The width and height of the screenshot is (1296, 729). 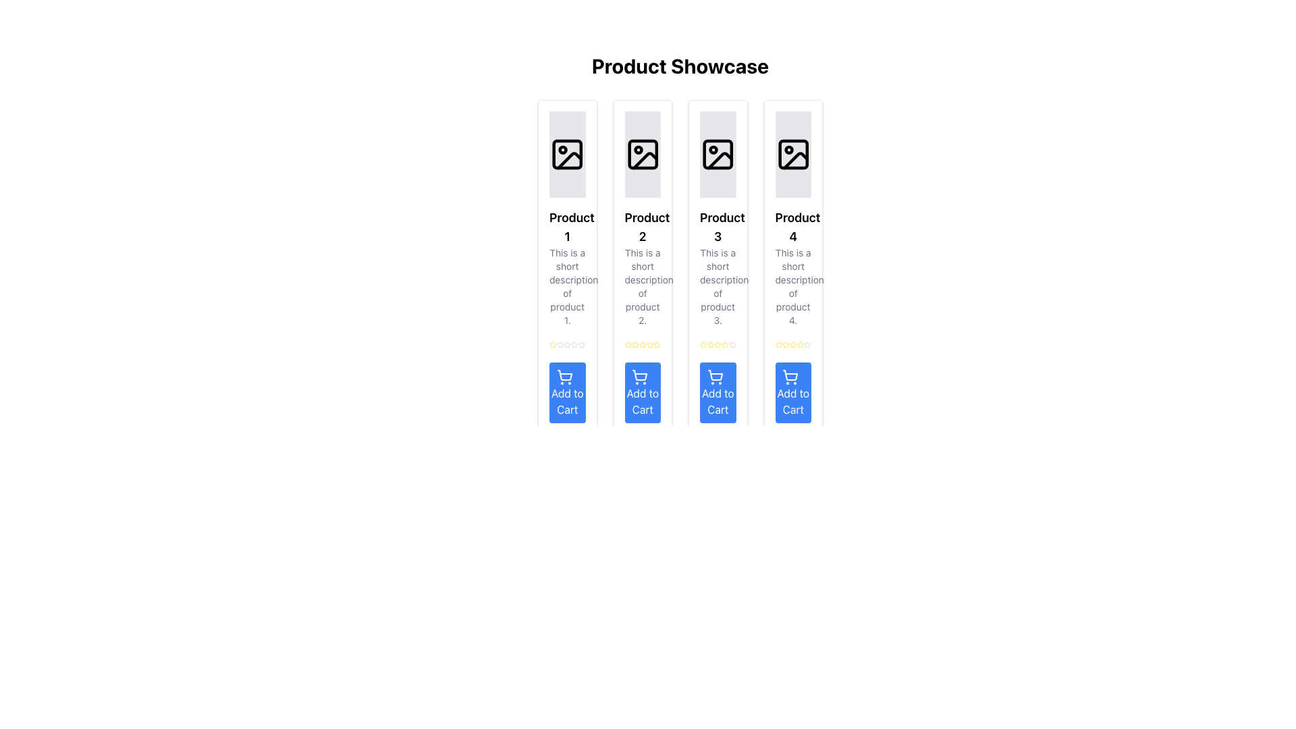 What do you see at coordinates (564, 375) in the screenshot?
I see `the shopping cart icon located inside the 'Add to Cart' button of the second product in the product showcase grid` at bounding box center [564, 375].